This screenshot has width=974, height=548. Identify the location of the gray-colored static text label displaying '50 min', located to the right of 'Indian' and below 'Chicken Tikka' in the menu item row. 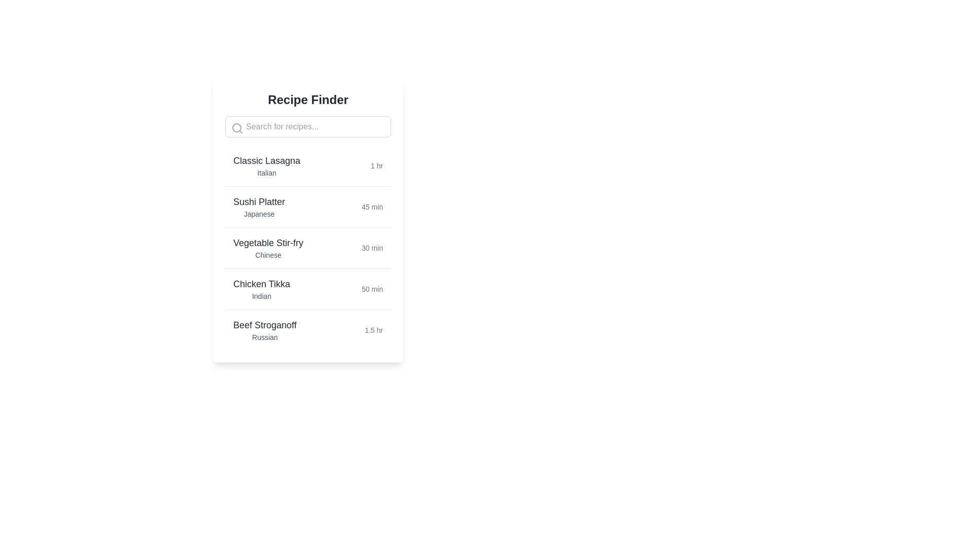
(372, 289).